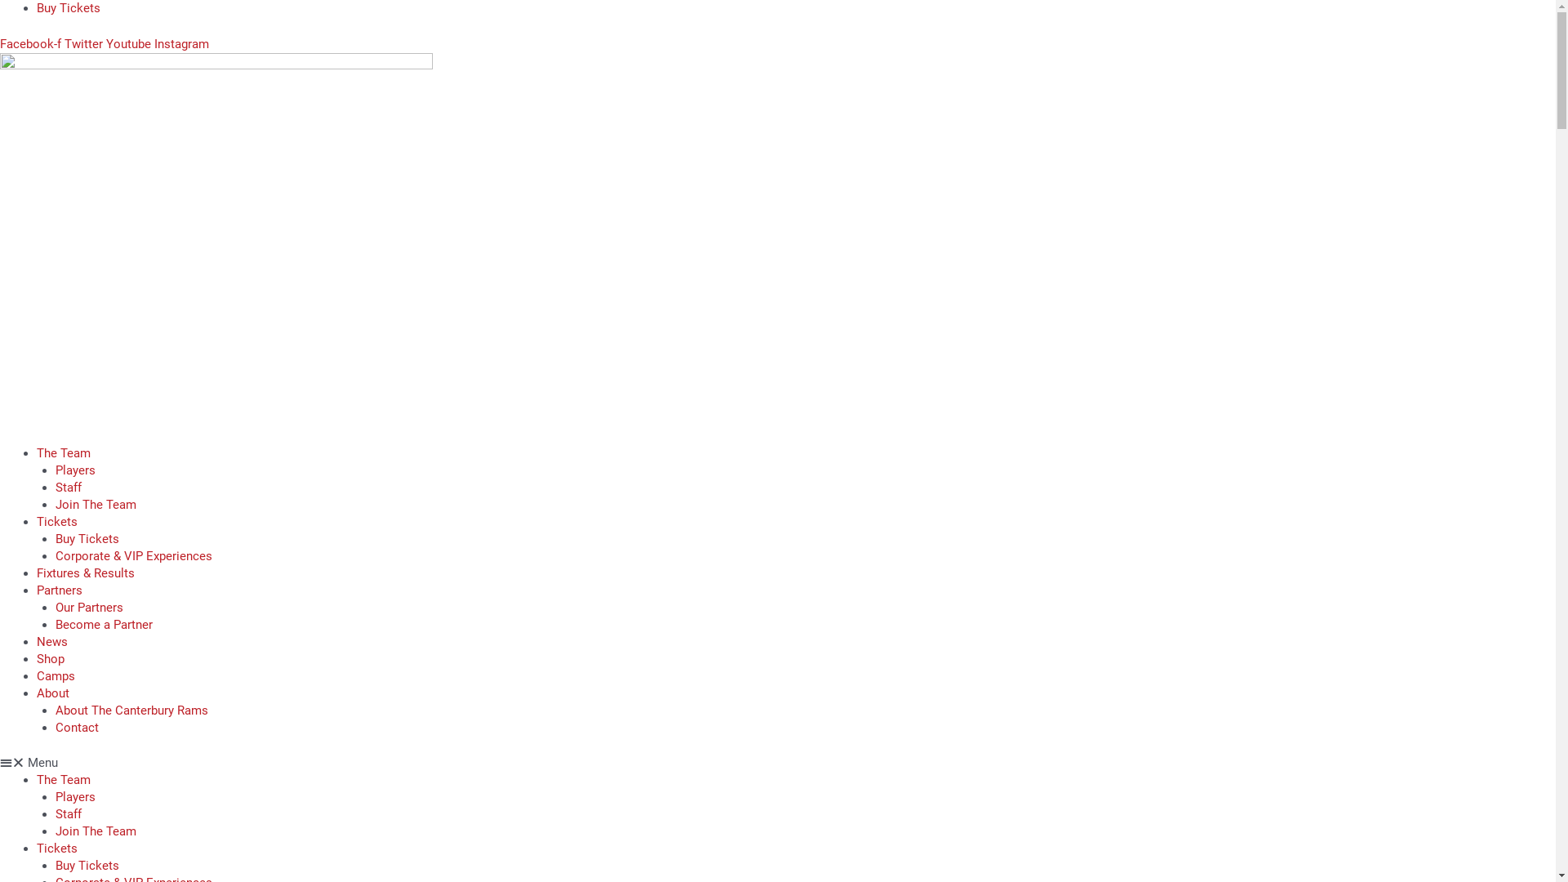  What do you see at coordinates (95, 831) in the screenshot?
I see `'Join The Team'` at bounding box center [95, 831].